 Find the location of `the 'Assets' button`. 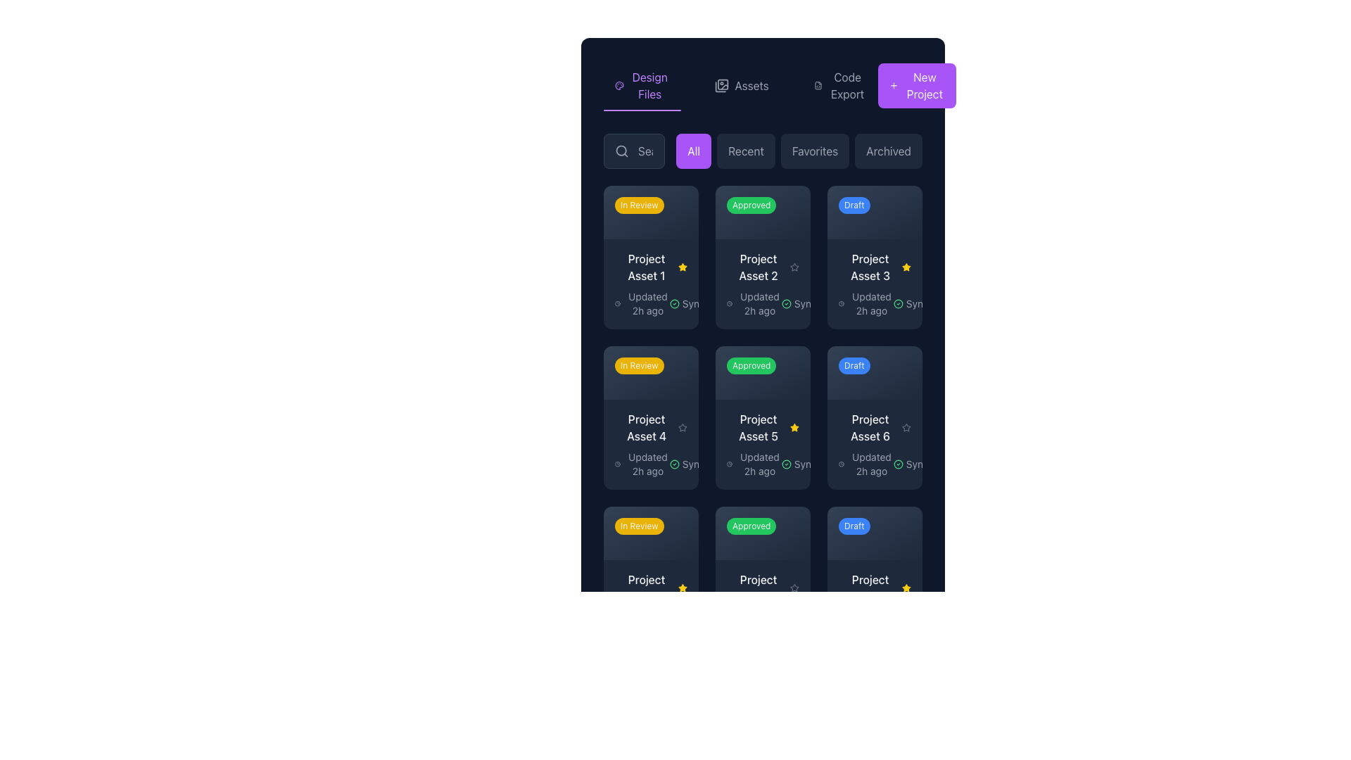

the 'Assets' button is located at coordinates (762, 86).